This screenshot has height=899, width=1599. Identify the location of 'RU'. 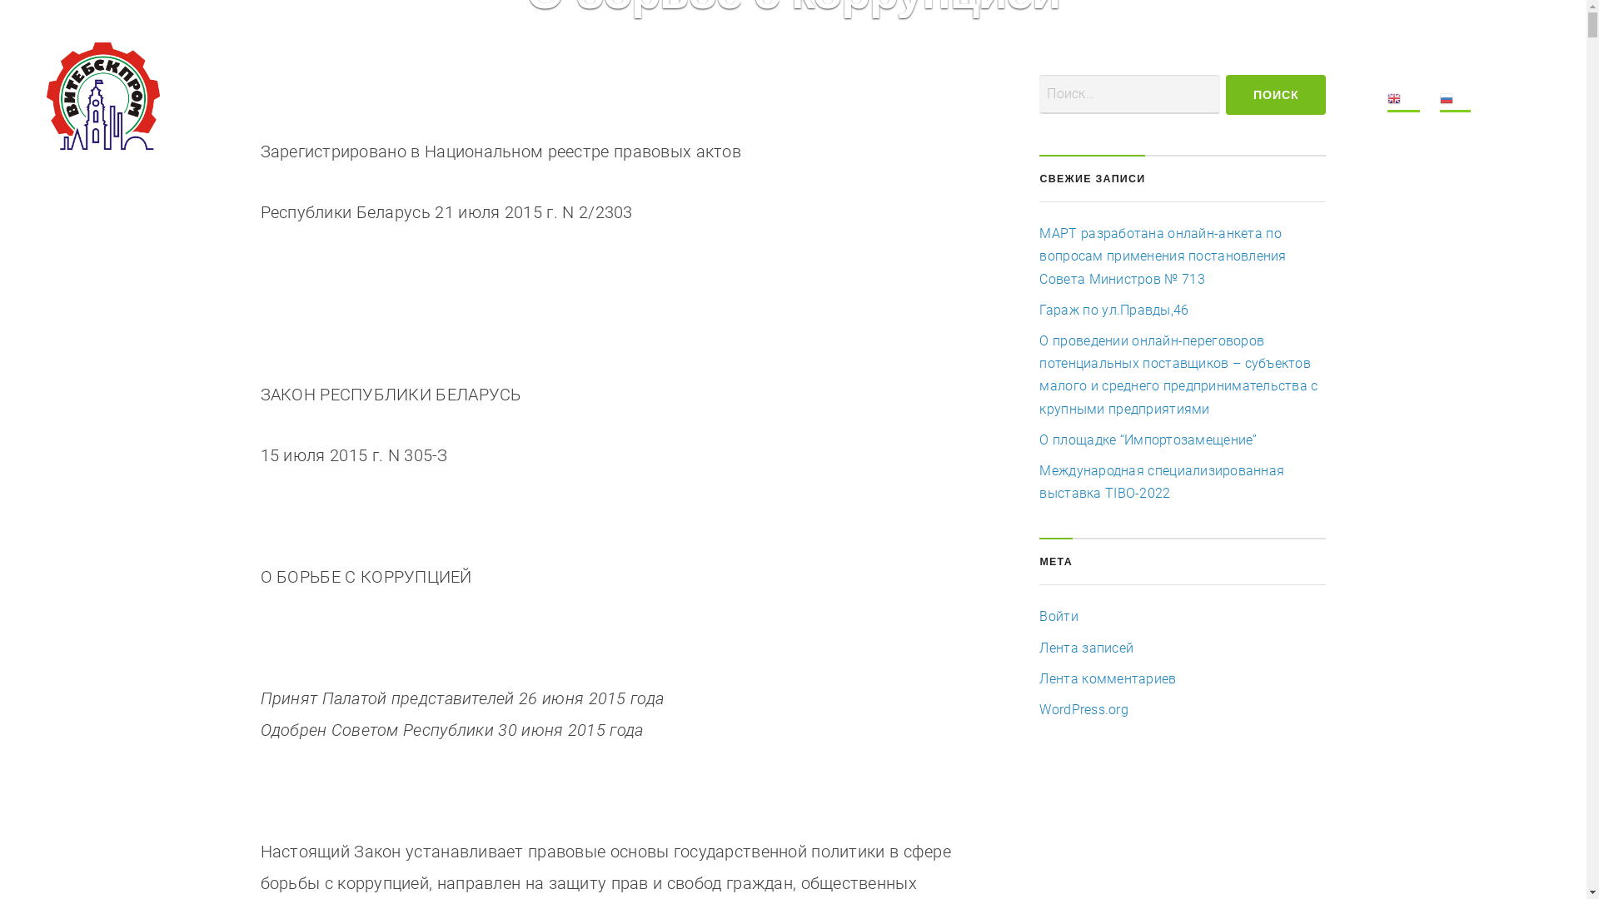
(1438, 102).